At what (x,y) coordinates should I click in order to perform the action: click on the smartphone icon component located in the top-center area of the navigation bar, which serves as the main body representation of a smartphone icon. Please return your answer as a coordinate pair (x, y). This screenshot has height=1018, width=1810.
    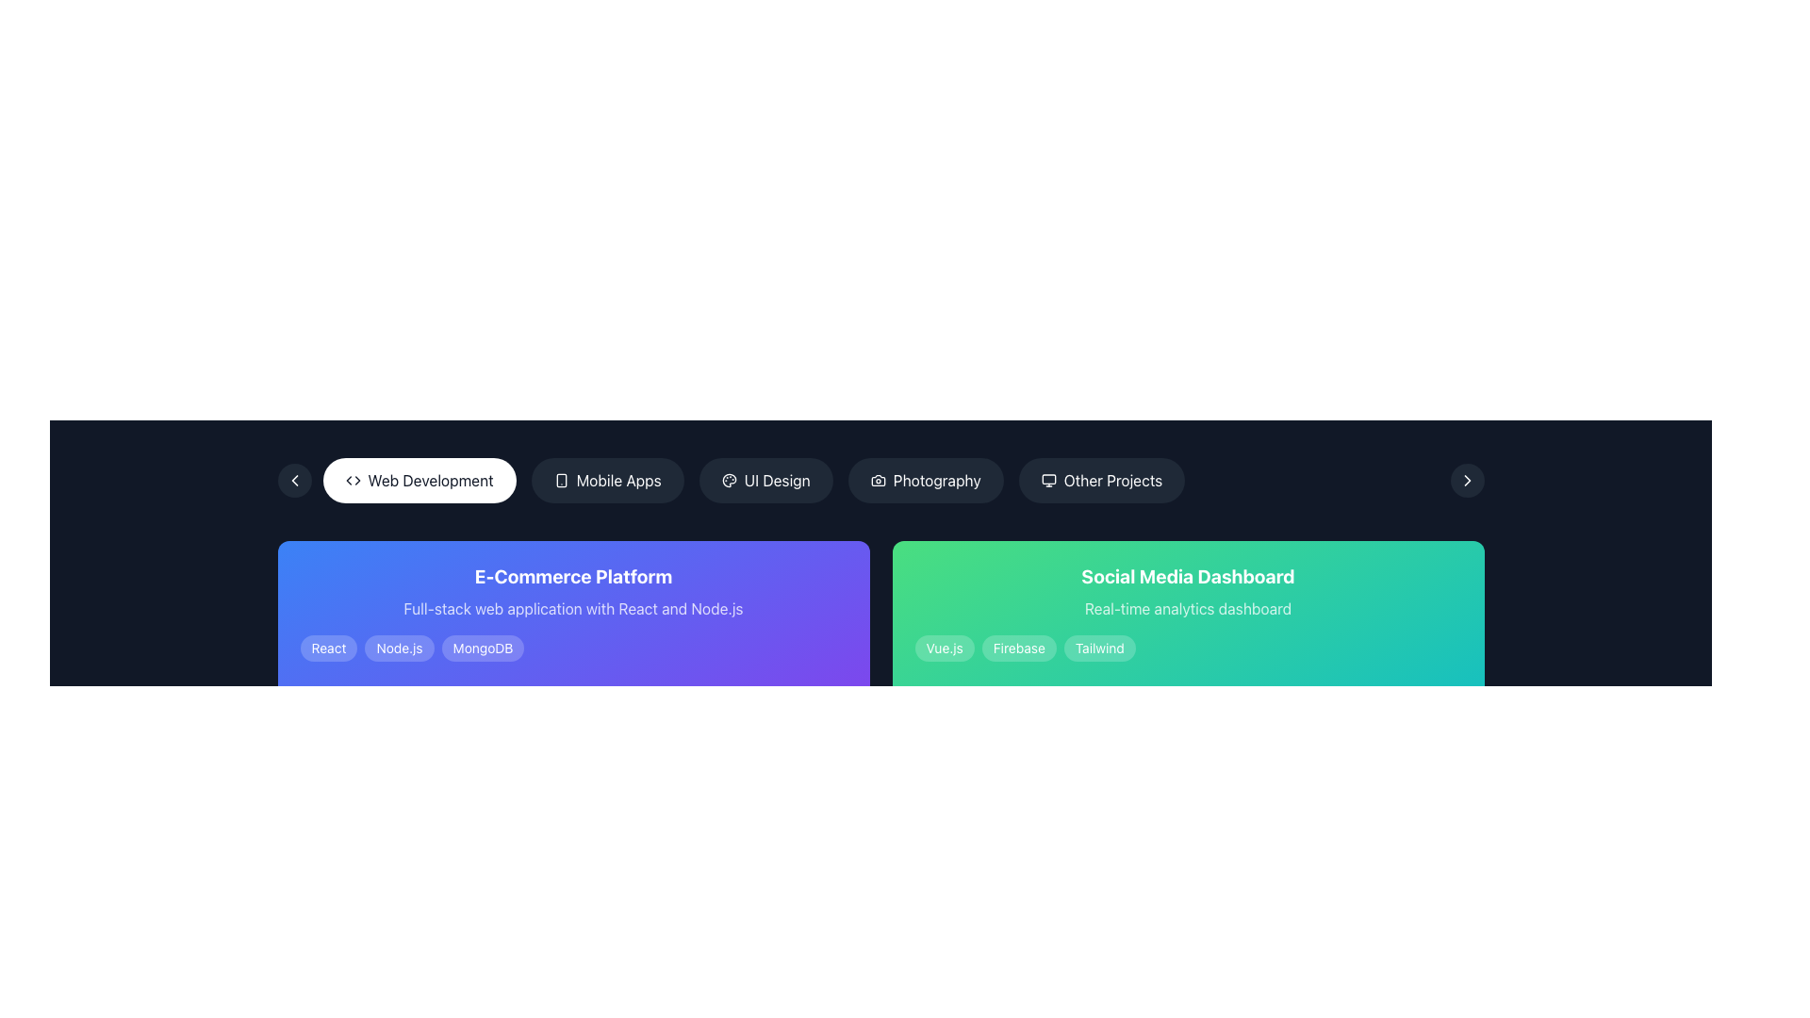
    Looking at the image, I should click on (560, 479).